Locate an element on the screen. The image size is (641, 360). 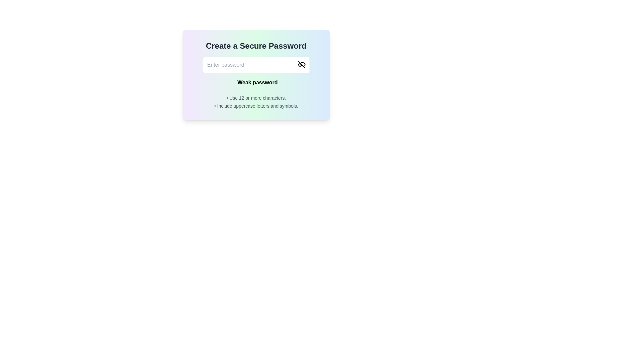
the text label indicating that the current password entered is weak, located directly below the password input field and aligned to the left is located at coordinates (257, 82).